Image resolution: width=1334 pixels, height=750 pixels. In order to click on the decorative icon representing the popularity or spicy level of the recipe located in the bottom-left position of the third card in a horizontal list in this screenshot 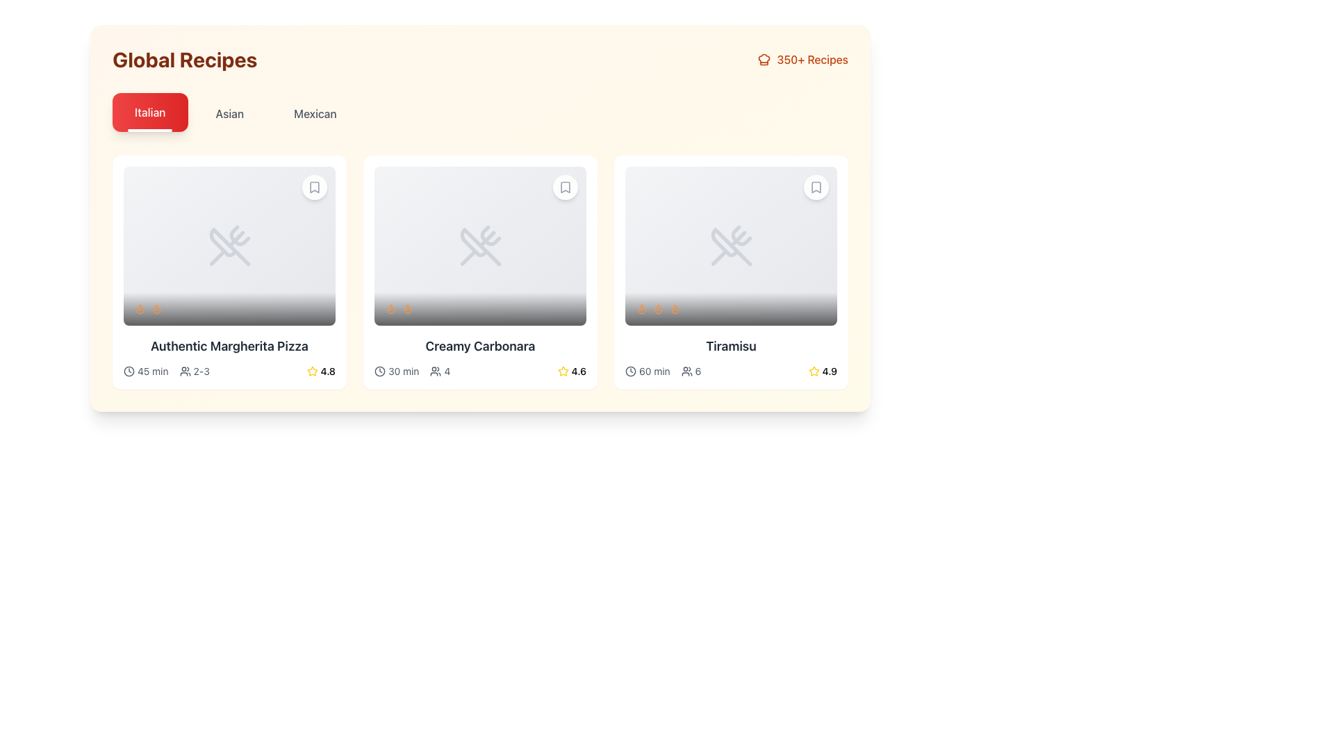, I will do `click(658, 308)`.